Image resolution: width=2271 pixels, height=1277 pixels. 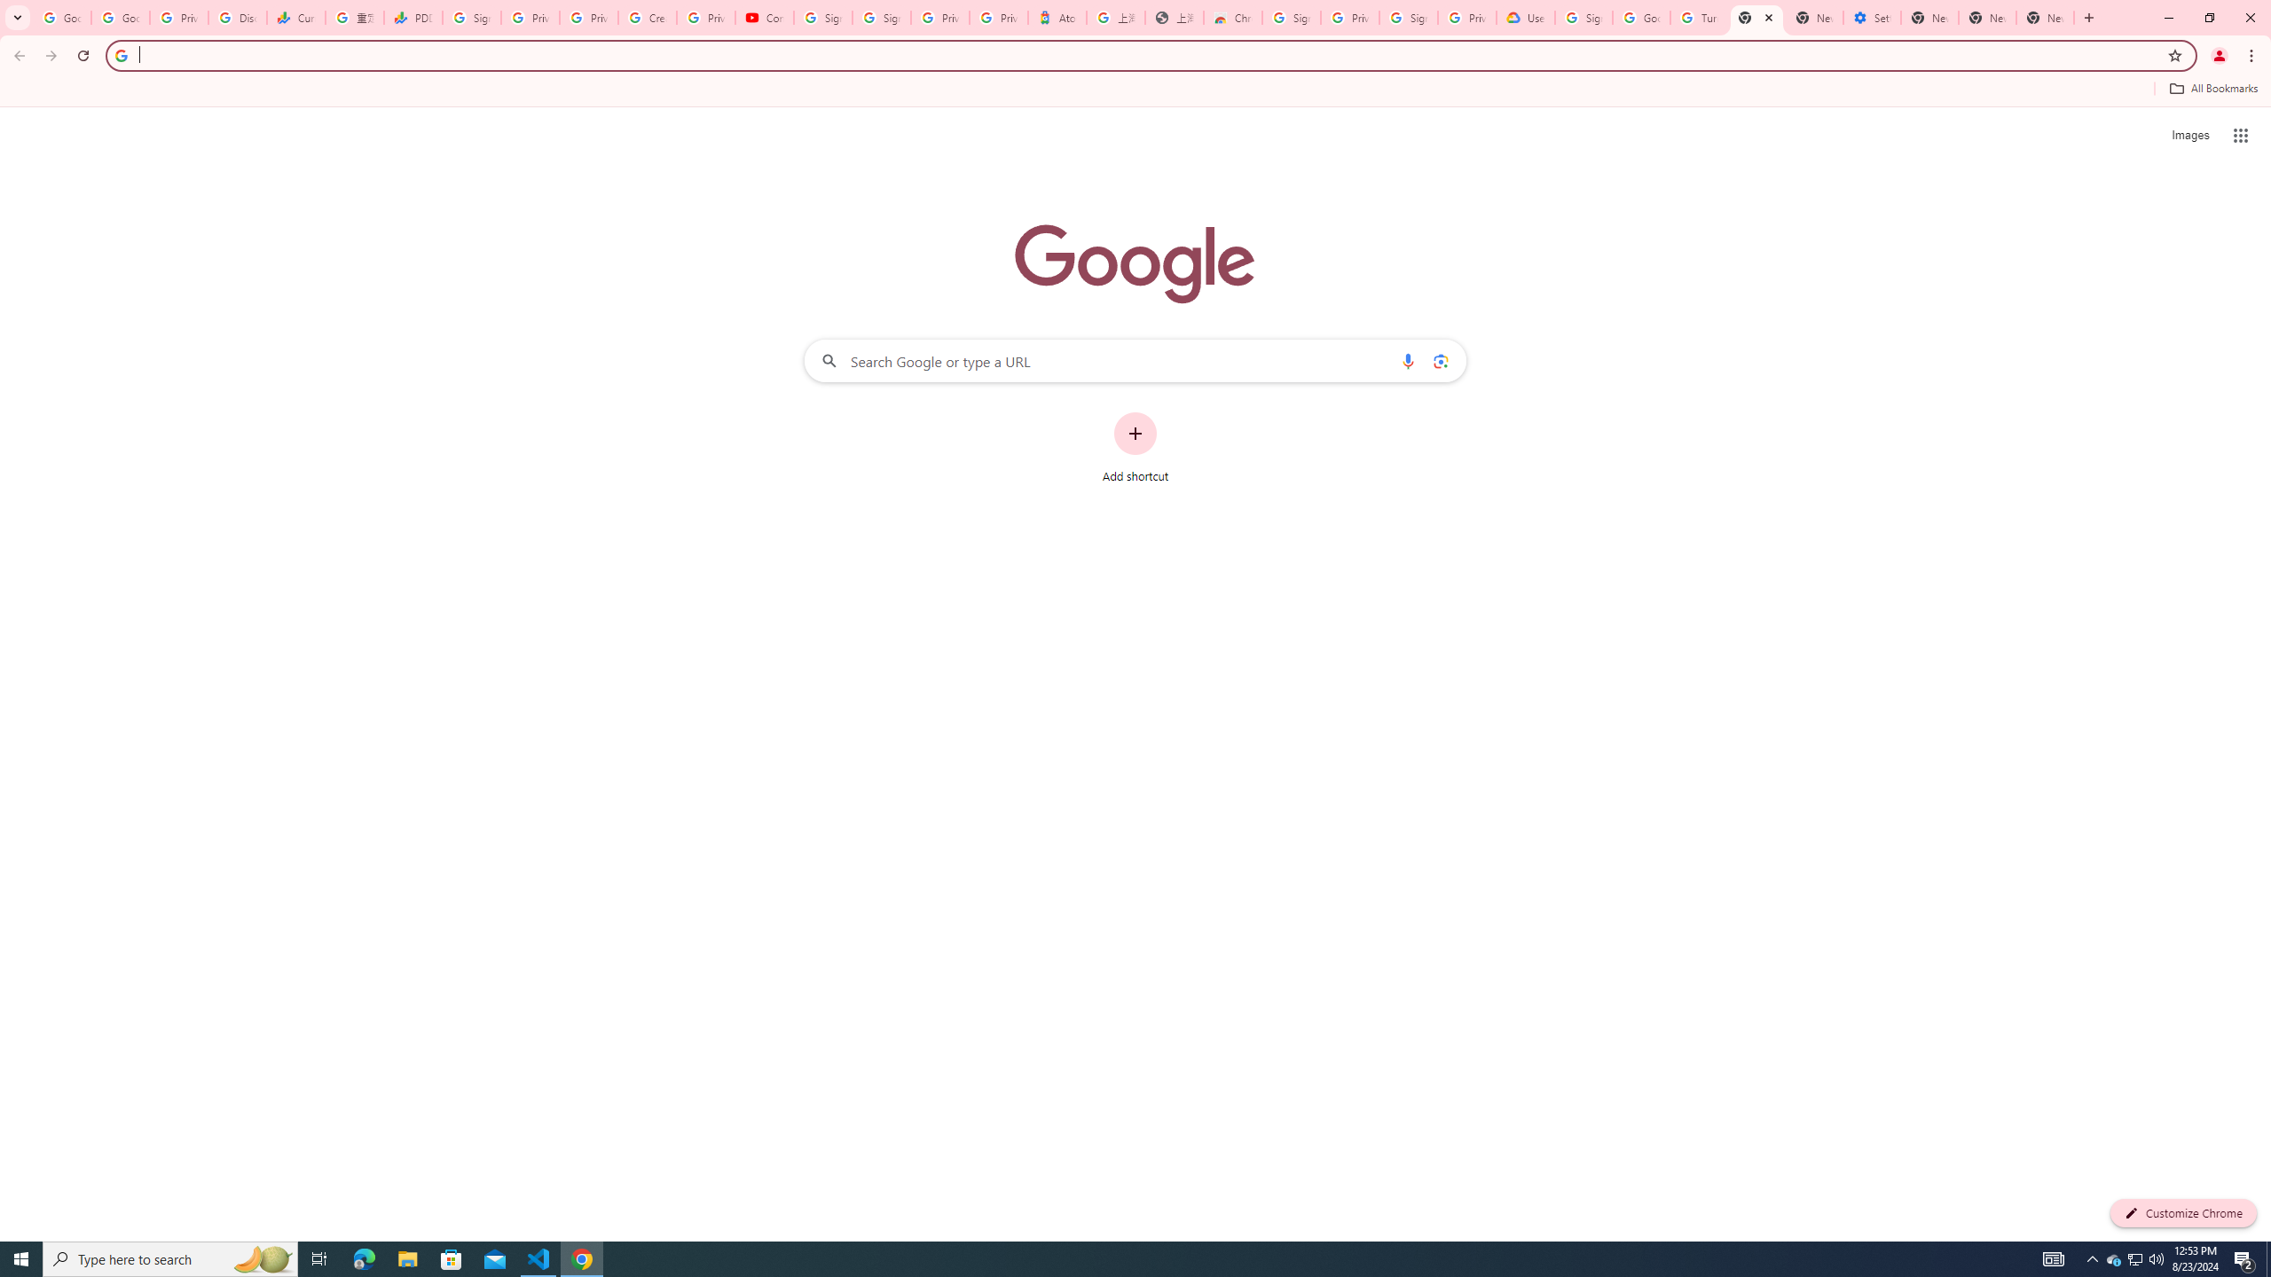 What do you see at coordinates (1135, 359) in the screenshot?
I see `'Search Google or type a URL'` at bounding box center [1135, 359].